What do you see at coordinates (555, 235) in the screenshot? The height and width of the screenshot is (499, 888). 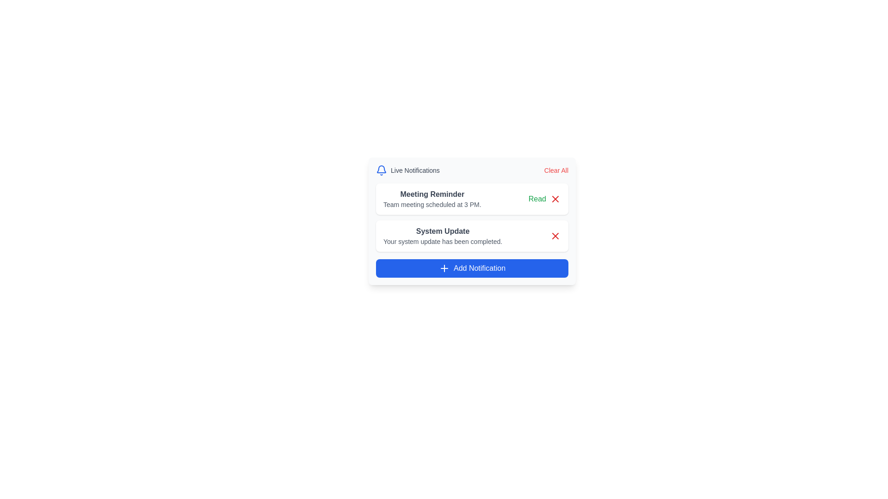 I see `the dismiss button for the 'System Update' notification to change its color` at bounding box center [555, 235].